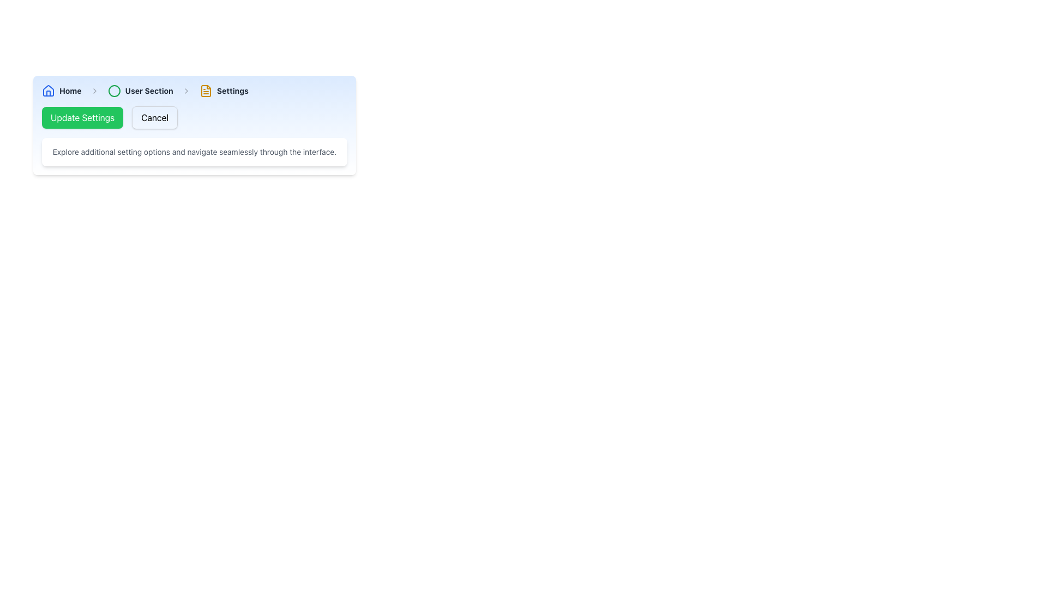 This screenshot has width=1047, height=589. I want to click on the 'Settings' icon in the breadcrumb navigation, which is positioned to the left of the 'Settings' label and represents the settings section, so click(206, 90).